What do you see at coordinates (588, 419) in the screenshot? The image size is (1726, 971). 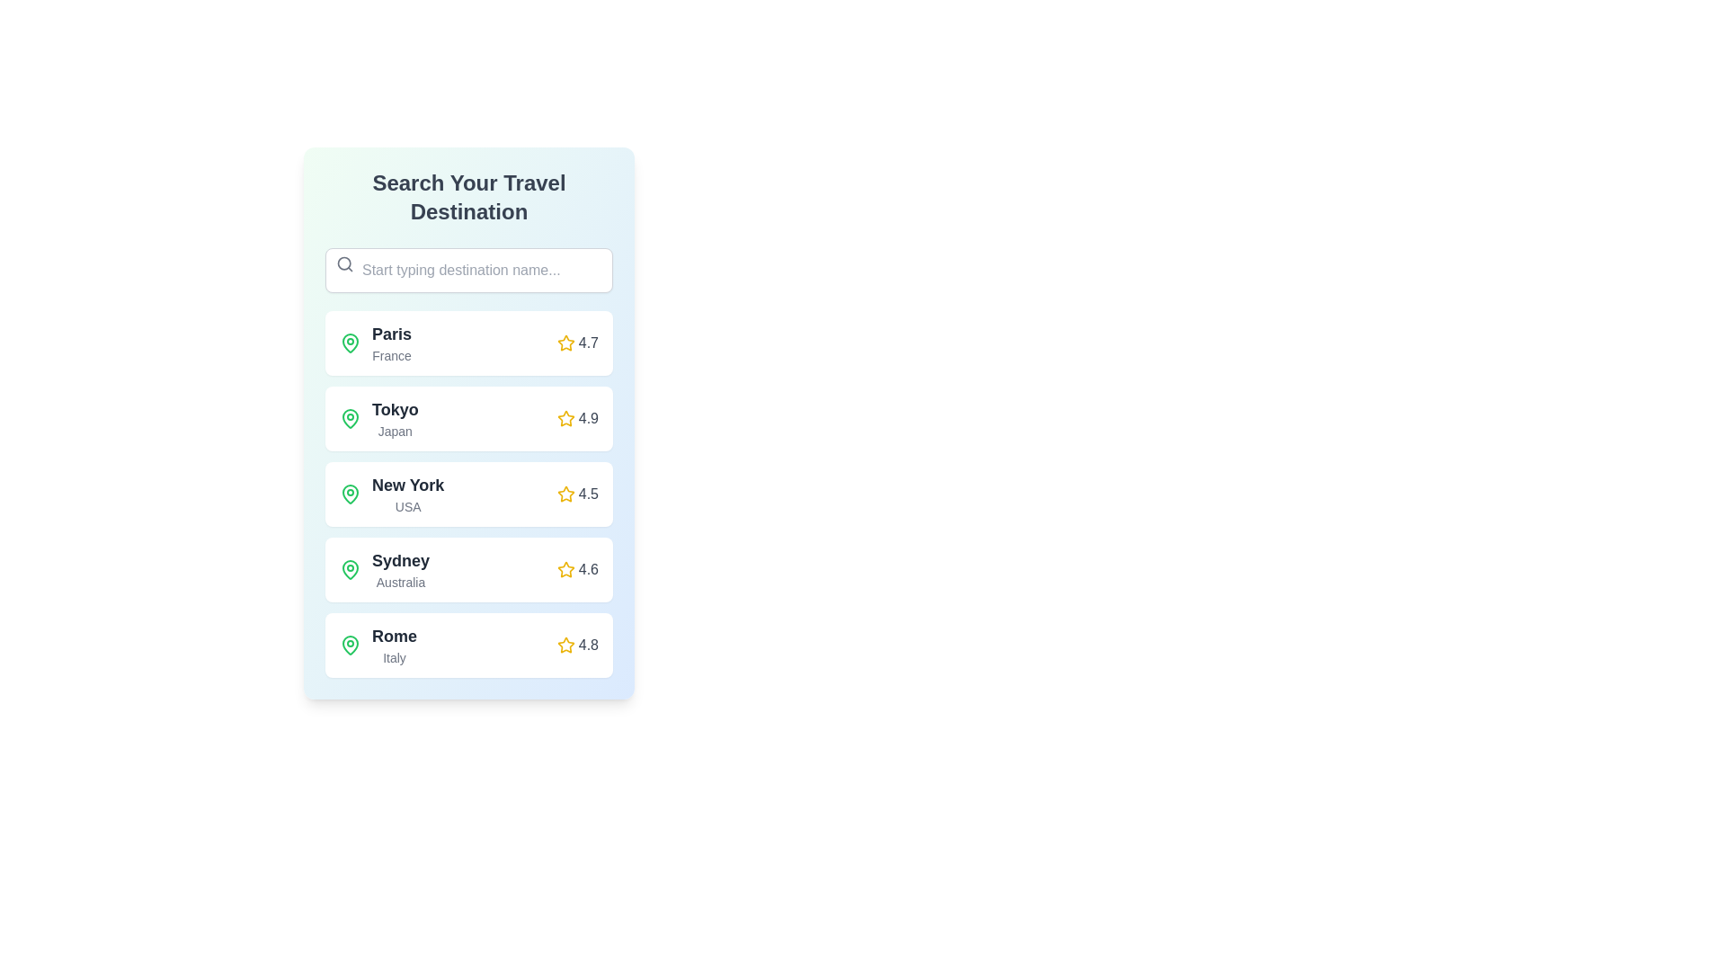 I see `the text component displaying '4.9', which is styled with gray color and medium font weight, located on the right side of the yellow star icon in the 'Tokyo, Japan' list item` at bounding box center [588, 419].